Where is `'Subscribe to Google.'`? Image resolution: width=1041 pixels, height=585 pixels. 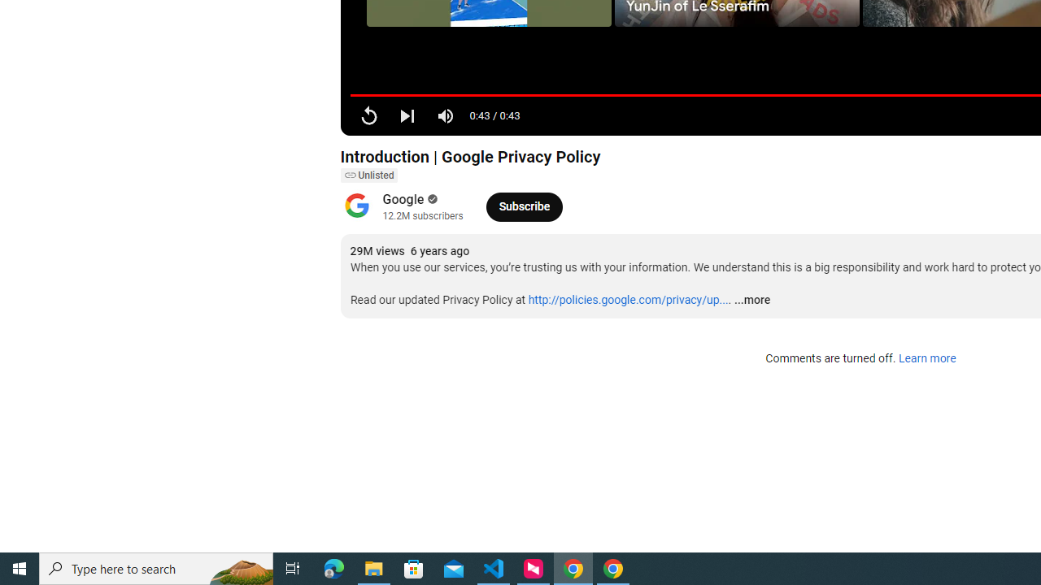 'Subscribe to Google.' is located at coordinates (524, 206).